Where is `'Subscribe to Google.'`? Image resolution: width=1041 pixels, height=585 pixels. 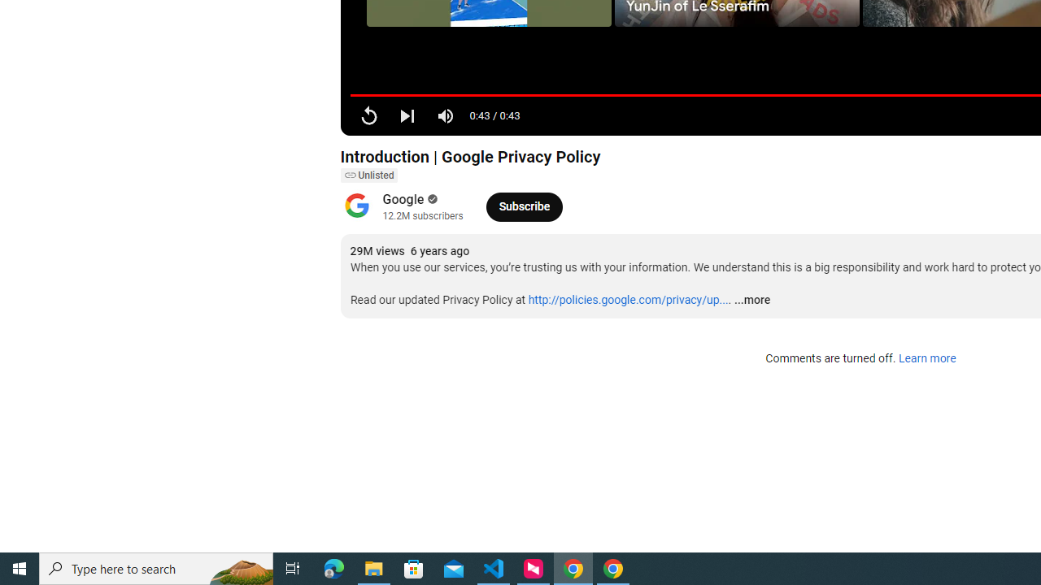 'Subscribe to Google.' is located at coordinates (524, 206).